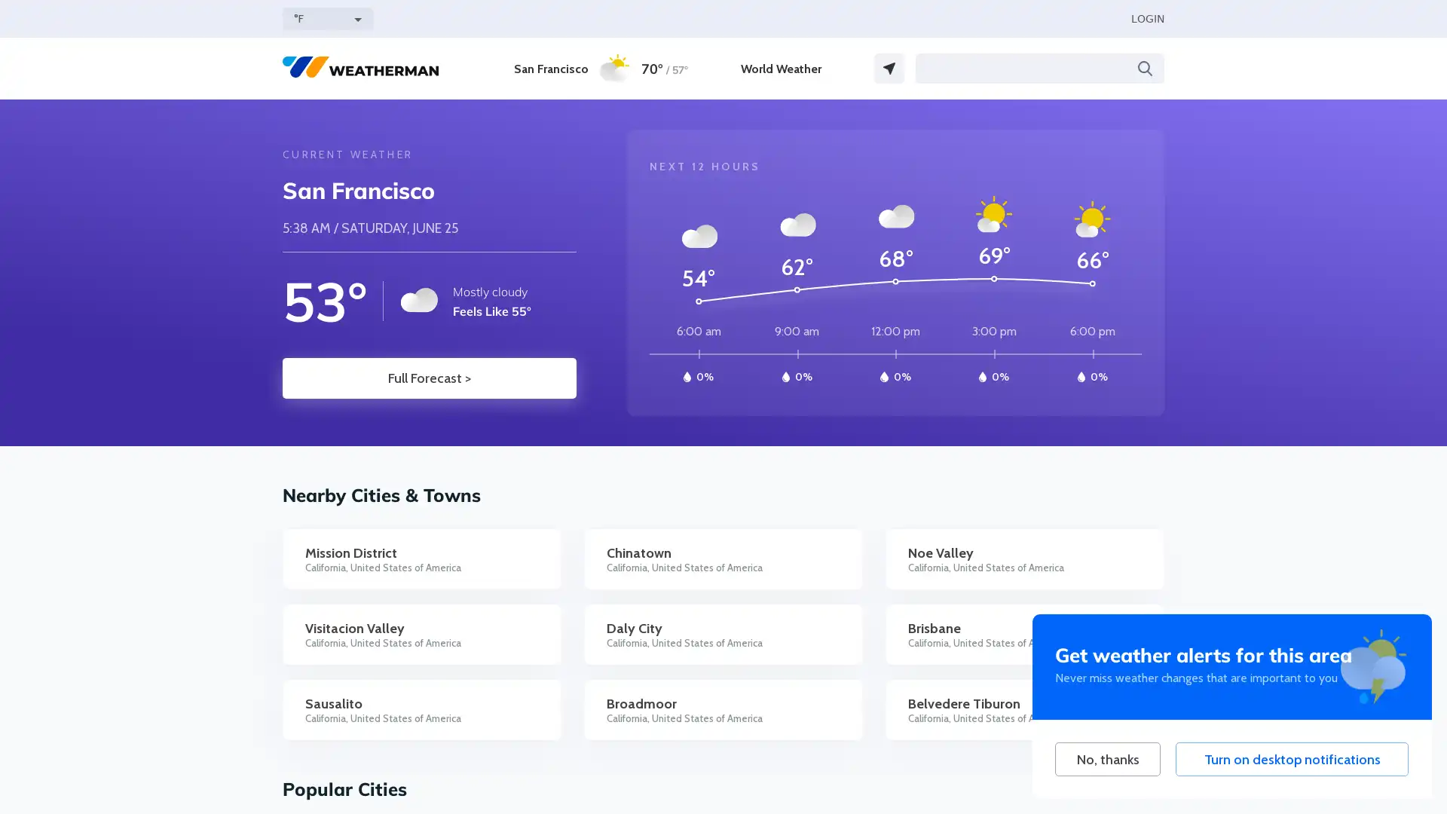 This screenshot has height=814, width=1447. I want to click on GPS Location, so click(889, 69).